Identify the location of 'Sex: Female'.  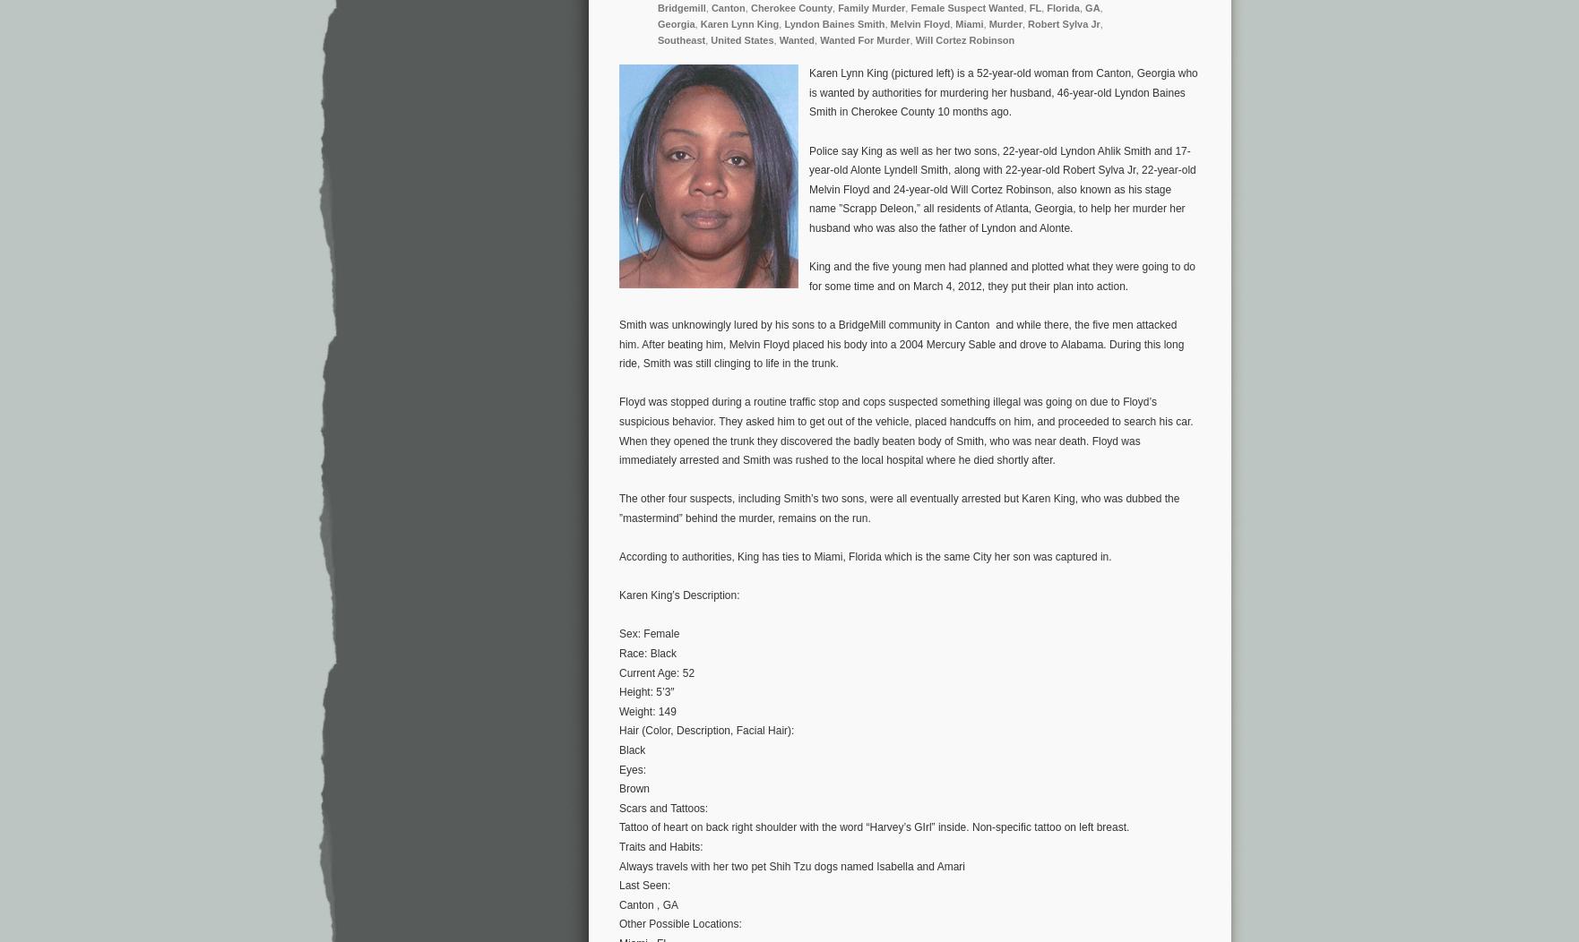
(648, 633).